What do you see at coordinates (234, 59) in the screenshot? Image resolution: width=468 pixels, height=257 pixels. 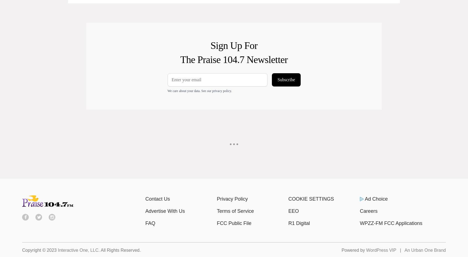 I see `'The Praise 104.7 Newsletter'` at bounding box center [234, 59].